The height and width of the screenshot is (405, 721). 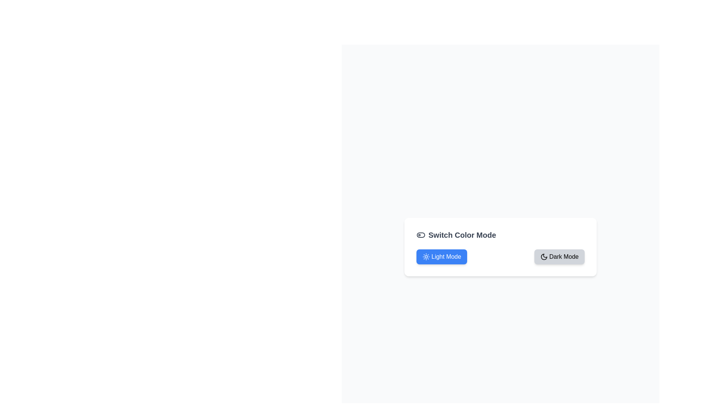 I want to click on the 'Light Mode' button with a blue background and white text, so click(x=442, y=256).